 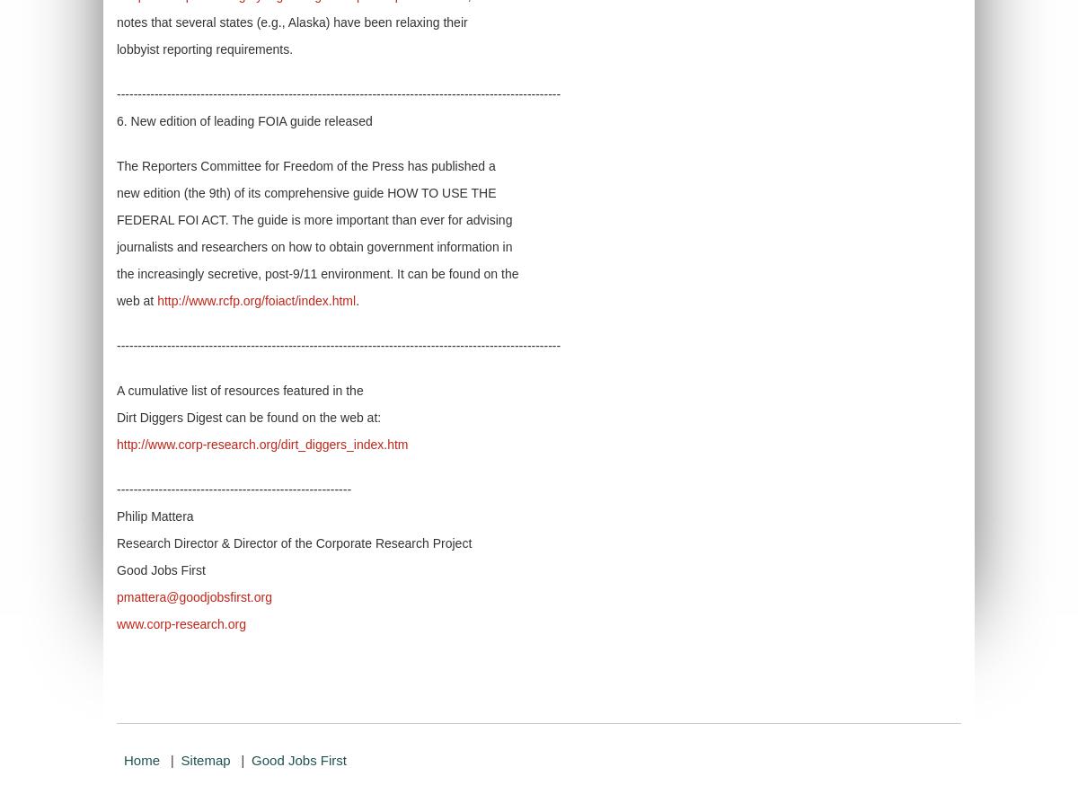 What do you see at coordinates (306, 191) in the screenshot?
I see `'new edition (the 9th) of its comprehensive guide HOW TO USE THE'` at bounding box center [306, 191].